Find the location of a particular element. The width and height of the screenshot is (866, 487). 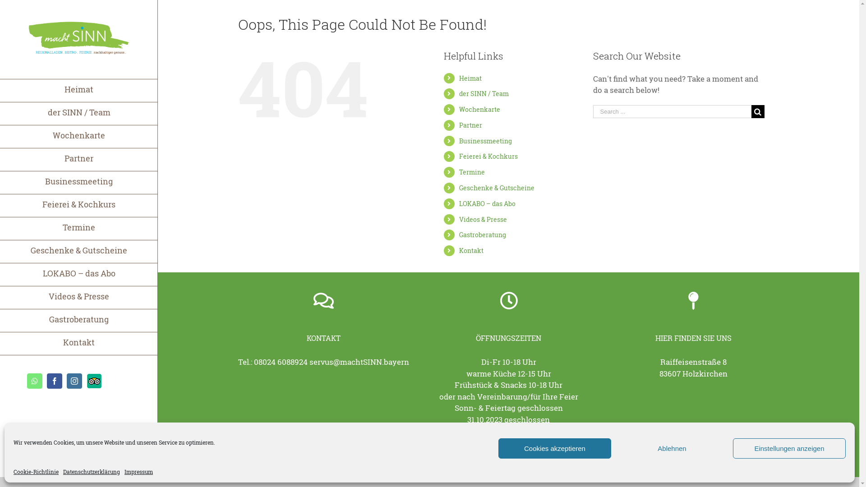

'der SINN / Team' is located at coordinates (484, 93).